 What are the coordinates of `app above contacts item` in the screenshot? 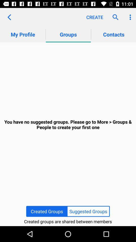 It's located at (114, 17).